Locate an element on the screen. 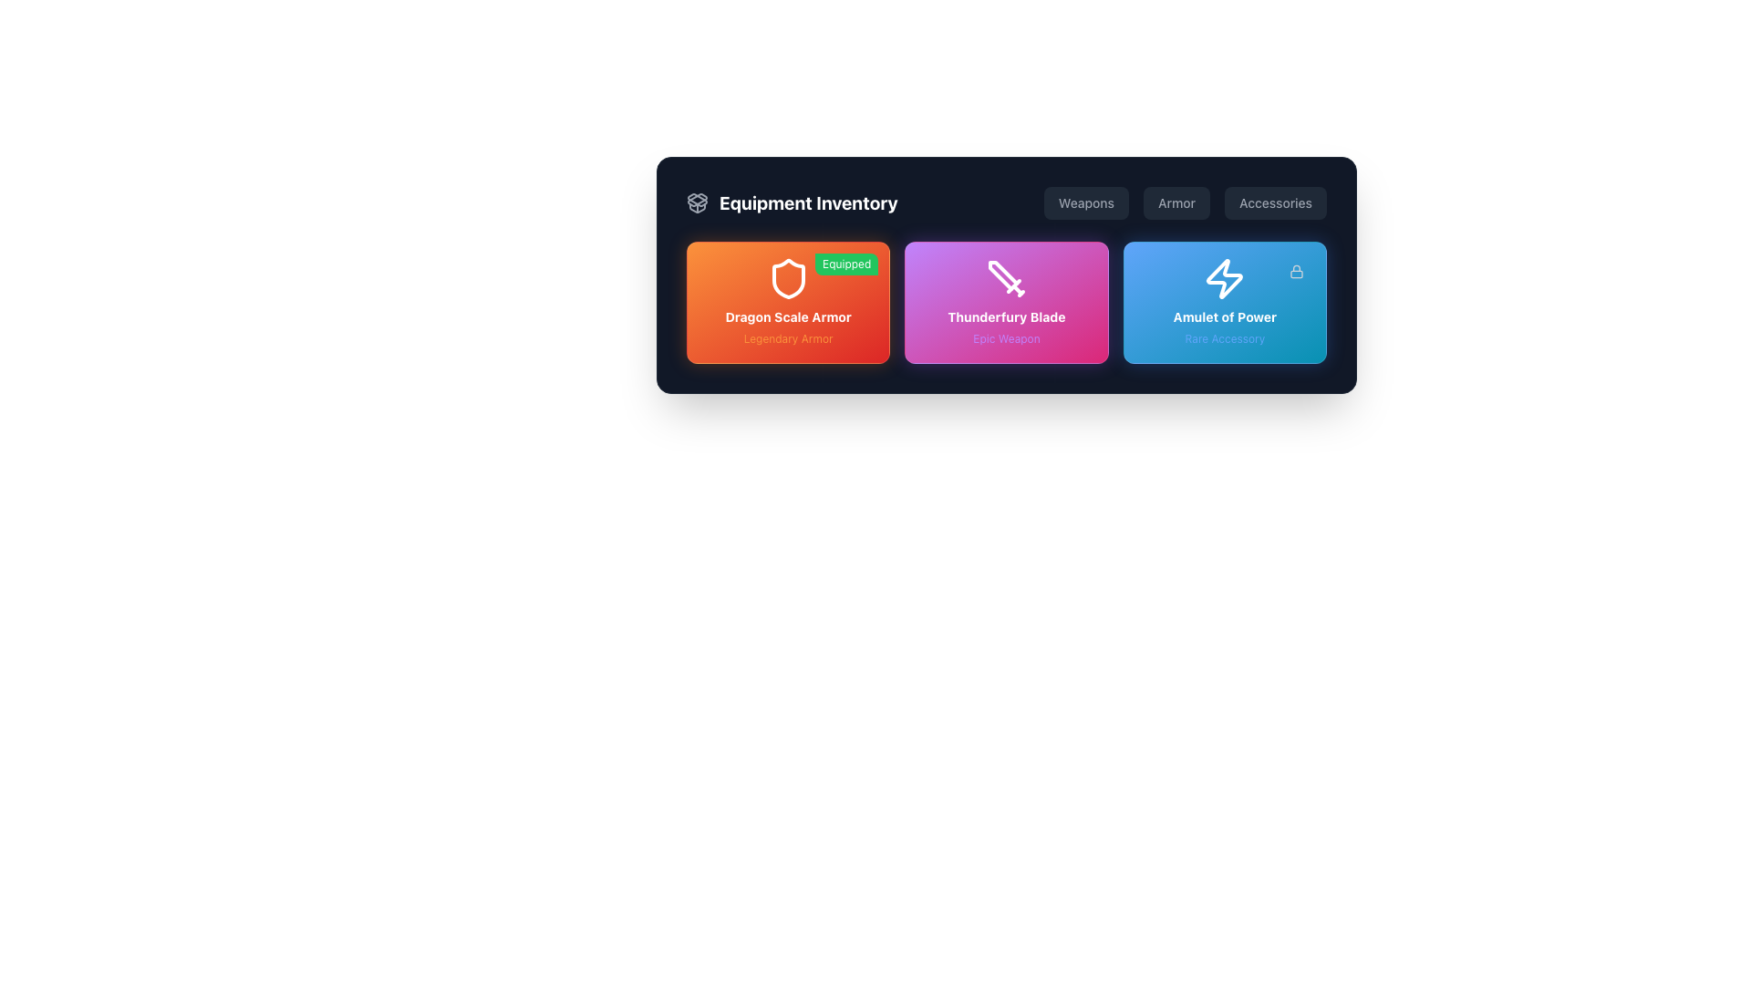 Image resolution: width=1751 pixels, height=985 pixels. 'Equipment Inventory' label with an icon, which is positioned on the left side of the horizontal bar above the categorized items, specifically to the left of the buttons labeled 'Weapons', 'Armor', and 'Accessories' is located at coordinates (792, 203).